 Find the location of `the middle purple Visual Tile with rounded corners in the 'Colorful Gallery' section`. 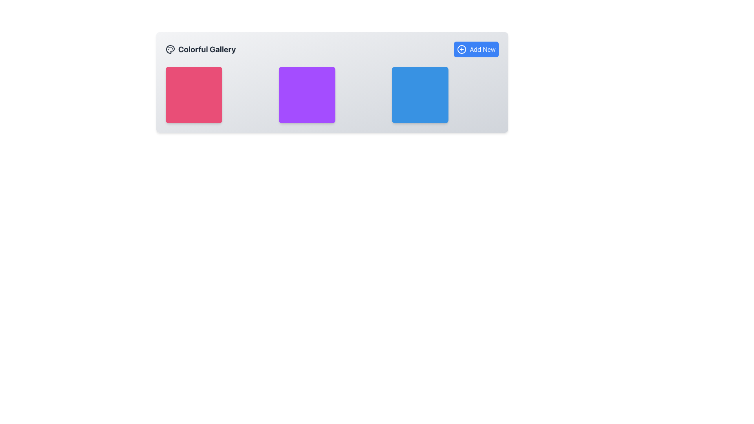

the middle purple Visual Tile with rounded corners in the 'Colorful Gallery' section is located at coordinates (307, 95).